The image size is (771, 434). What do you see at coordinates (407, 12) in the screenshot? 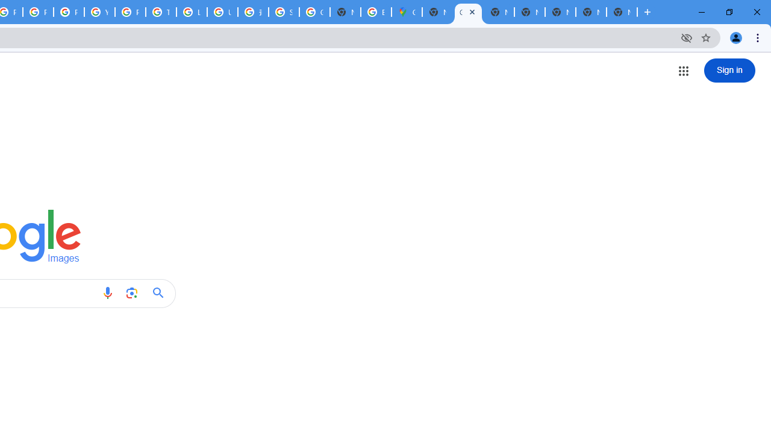
I see `'Google Maps'` at bounding box center [407, 12].